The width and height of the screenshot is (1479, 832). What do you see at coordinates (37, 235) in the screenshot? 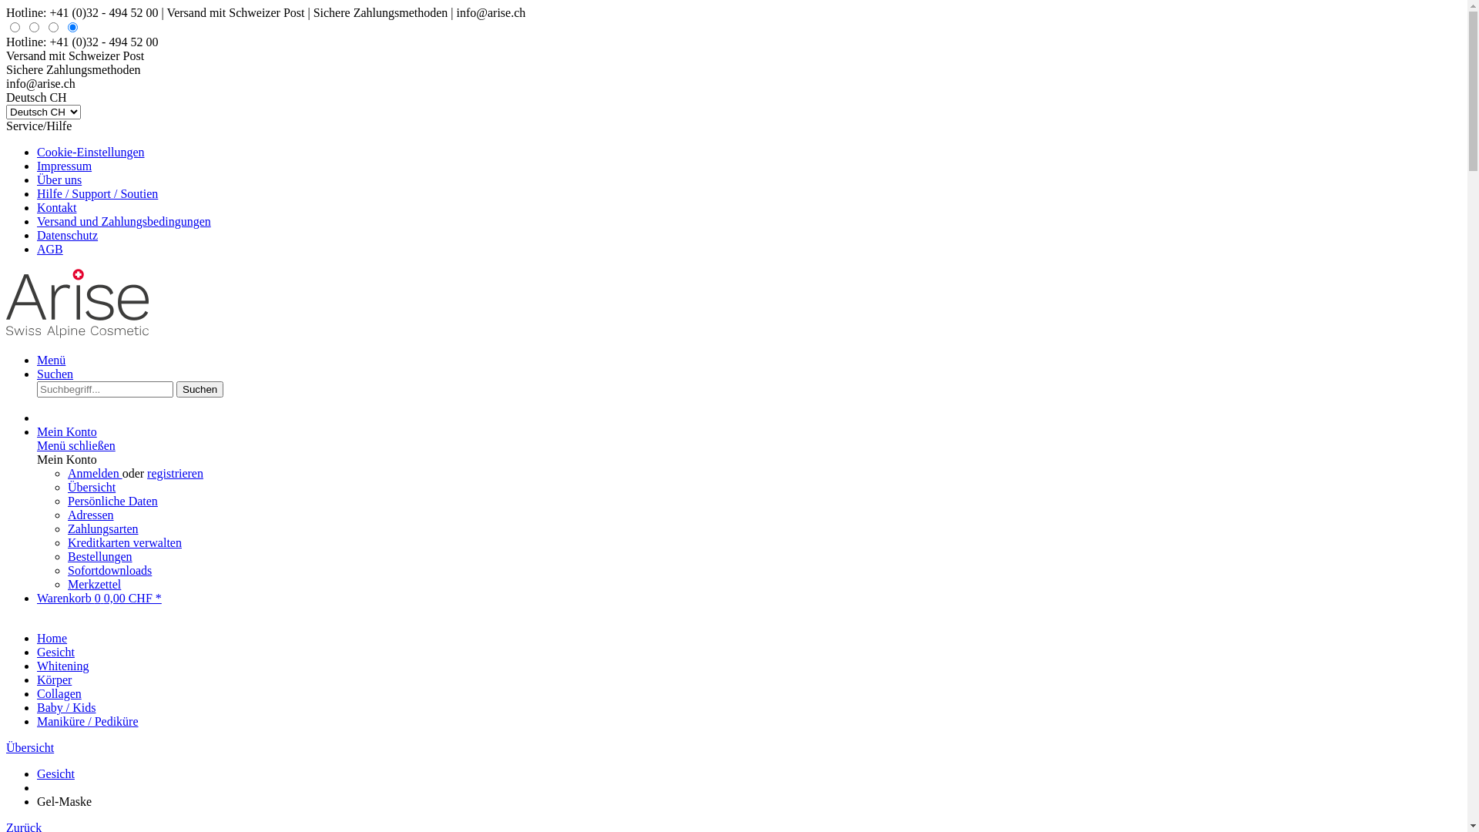
I see `'Datenschutz'` at bounding box center [37, 235].